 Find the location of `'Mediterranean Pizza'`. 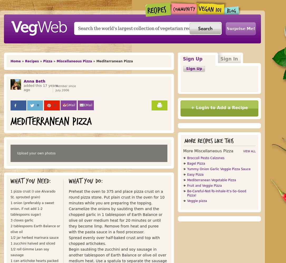

'Mediterranean Pizza' is located at coordinates (11, 122).